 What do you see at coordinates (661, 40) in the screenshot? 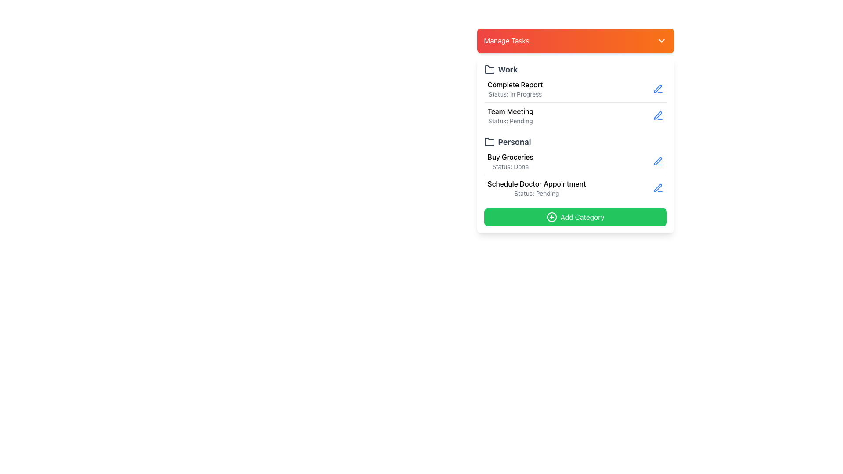
I see `the chevron icon located at the top-right corner of the 'Manage Tasks' orange header bar` at bounding box center [661, 40].